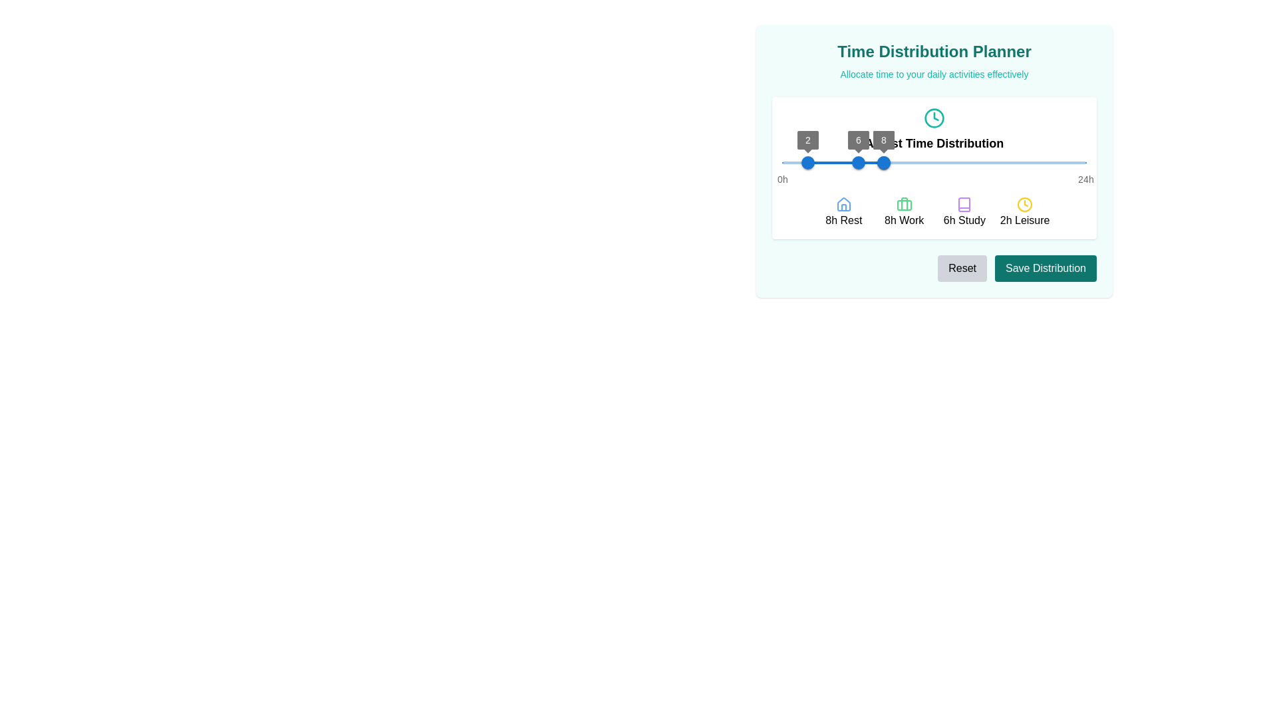  I want to click on the descriptive text label providing guidance for the 'Time Distribution Planner' feature, which is positioned below the main heading and above the time distribution visualization chart, so click(934, 74).